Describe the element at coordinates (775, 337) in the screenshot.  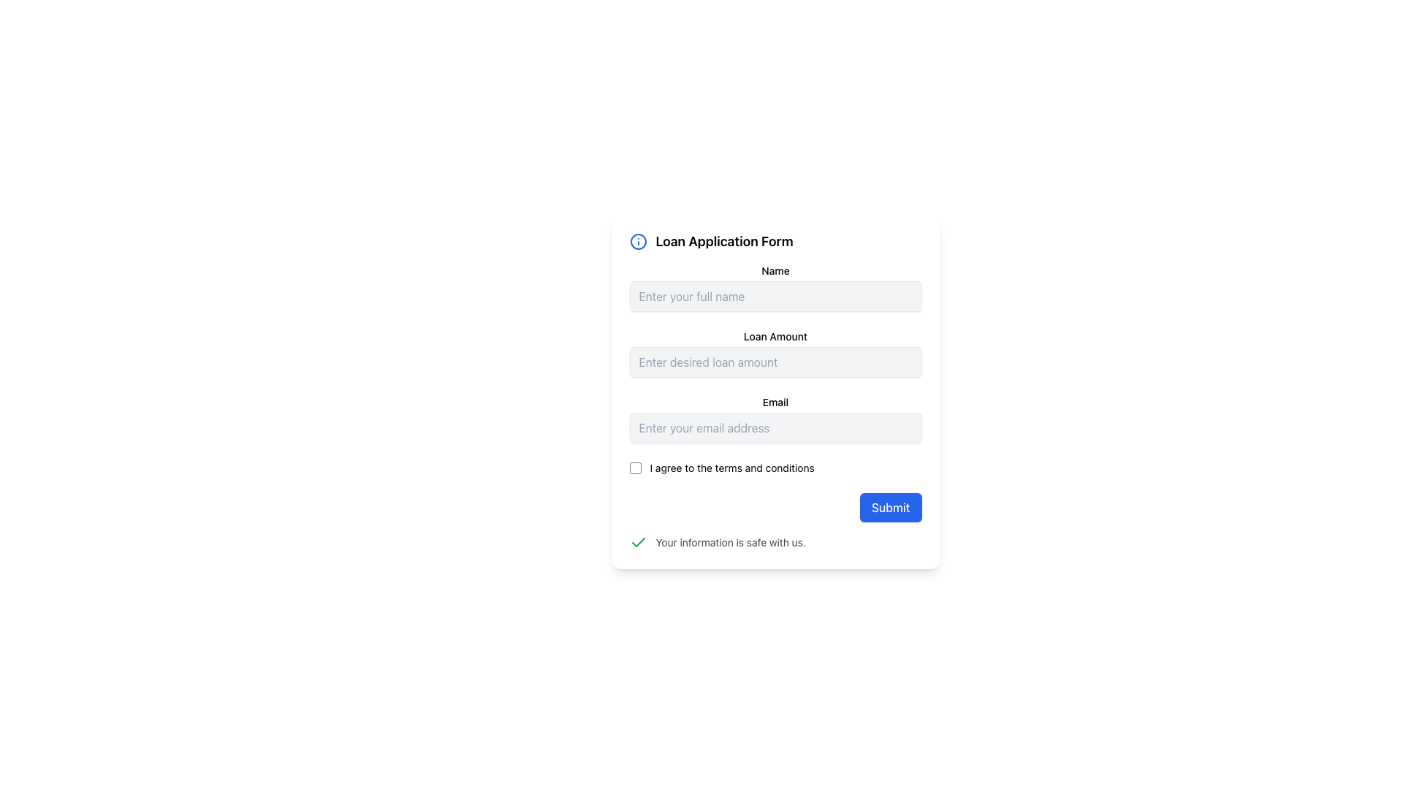
I see `the Text label that describes the input field for the desired loan amount in the Loan Application Form` at that location.